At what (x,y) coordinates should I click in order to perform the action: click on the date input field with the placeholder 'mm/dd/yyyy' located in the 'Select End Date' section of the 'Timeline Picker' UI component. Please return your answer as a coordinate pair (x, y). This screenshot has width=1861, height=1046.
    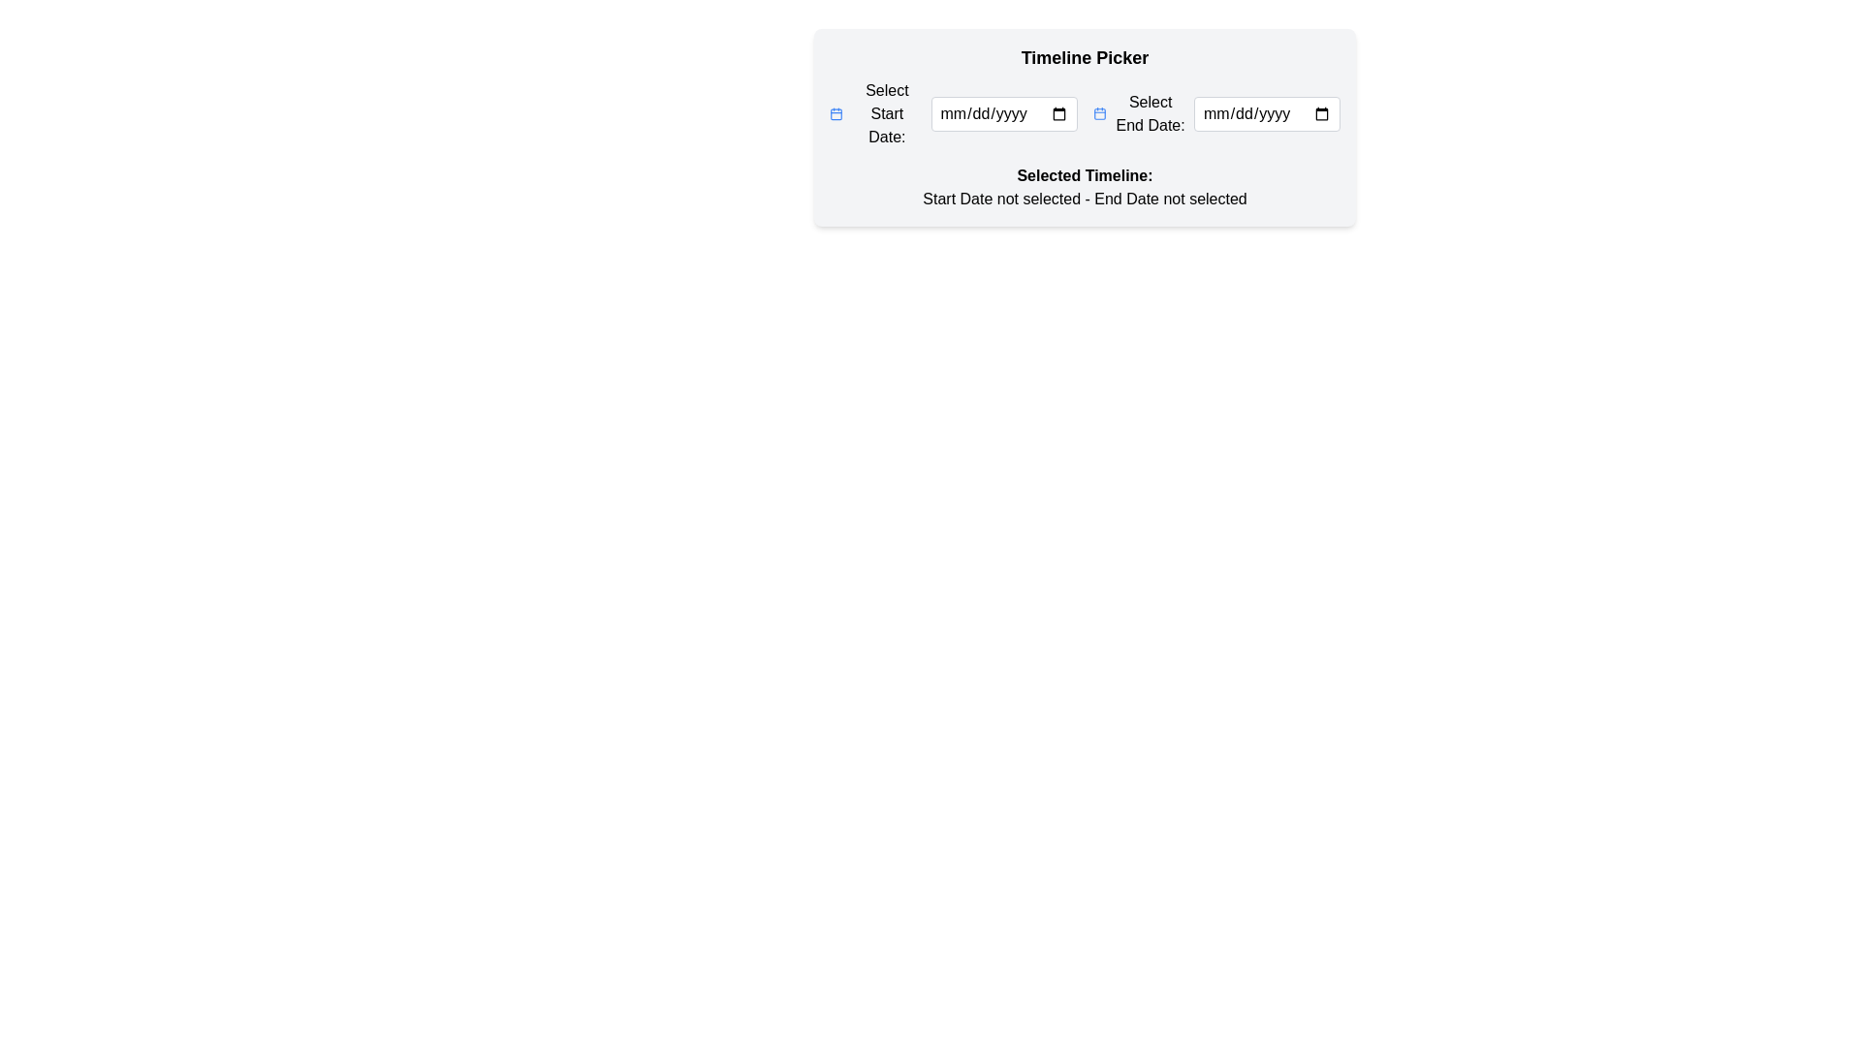
    Looking at the image, I should click on (1267, 114).